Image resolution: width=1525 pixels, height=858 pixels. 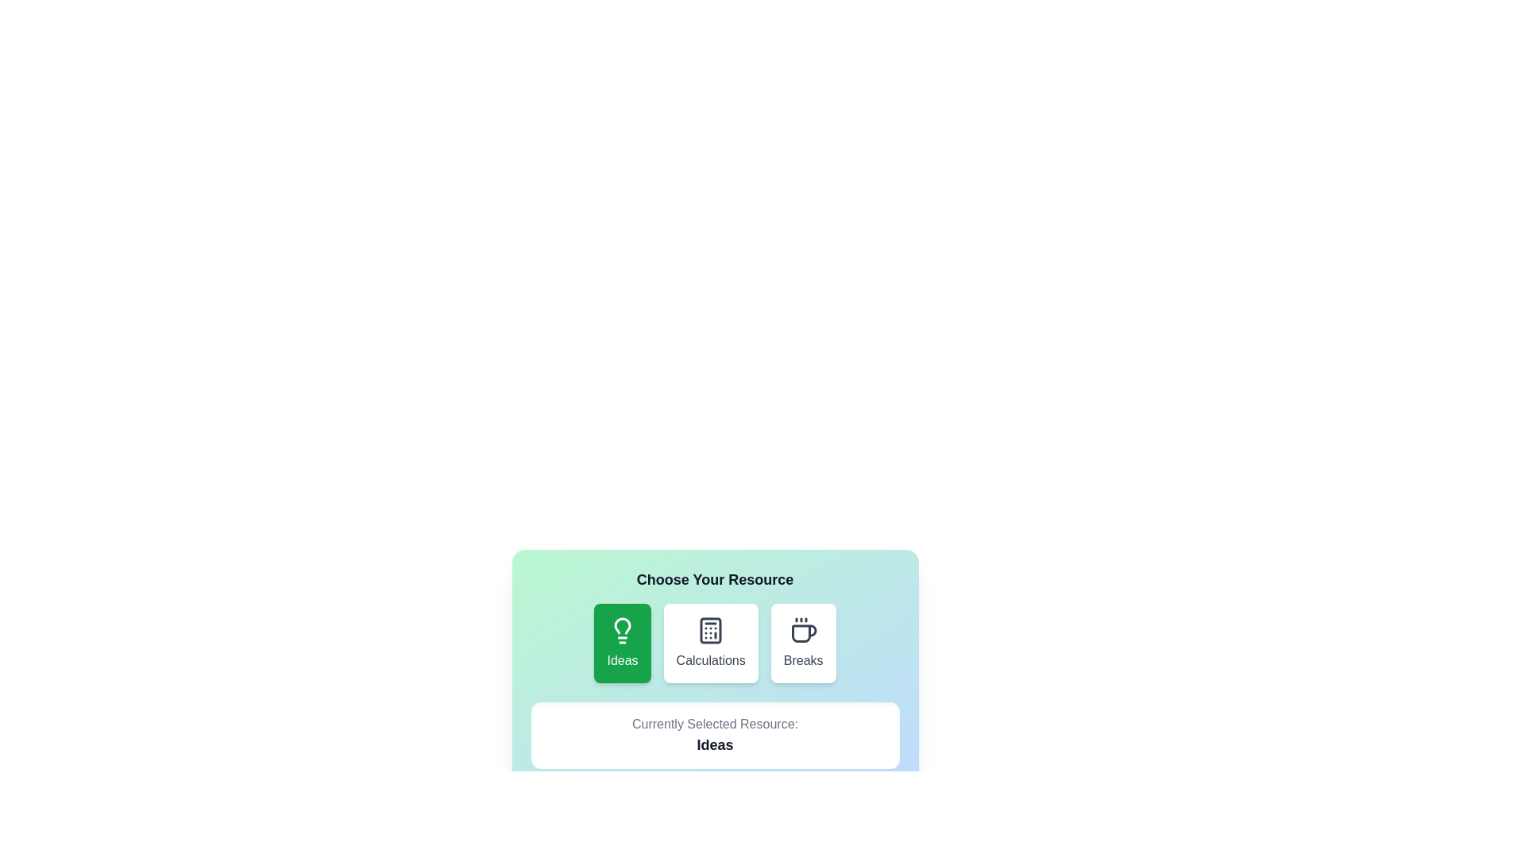 I want to click on the button corresponding to the resource type Calculations, so click(x=710, y=643).